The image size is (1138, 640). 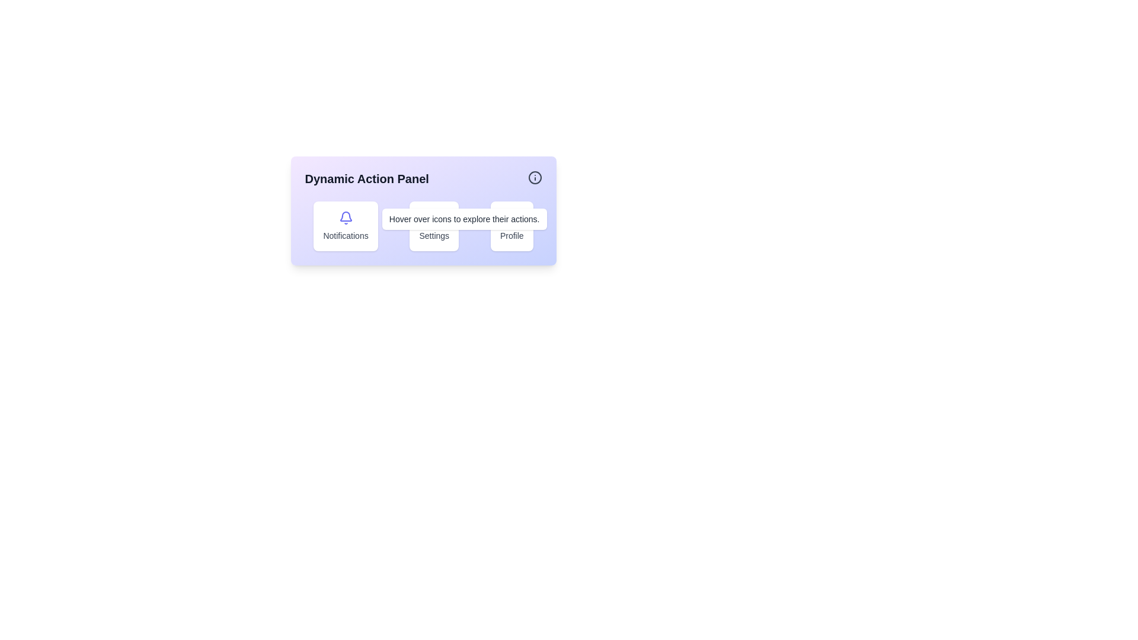 What do you see at coordinates (512, 198) in the screenshot?
I see `the tooltip element with a black background and white text that displays 'Detail of Profile', located at the top center of the 'Profile' button` at bounding box center [512, 198].